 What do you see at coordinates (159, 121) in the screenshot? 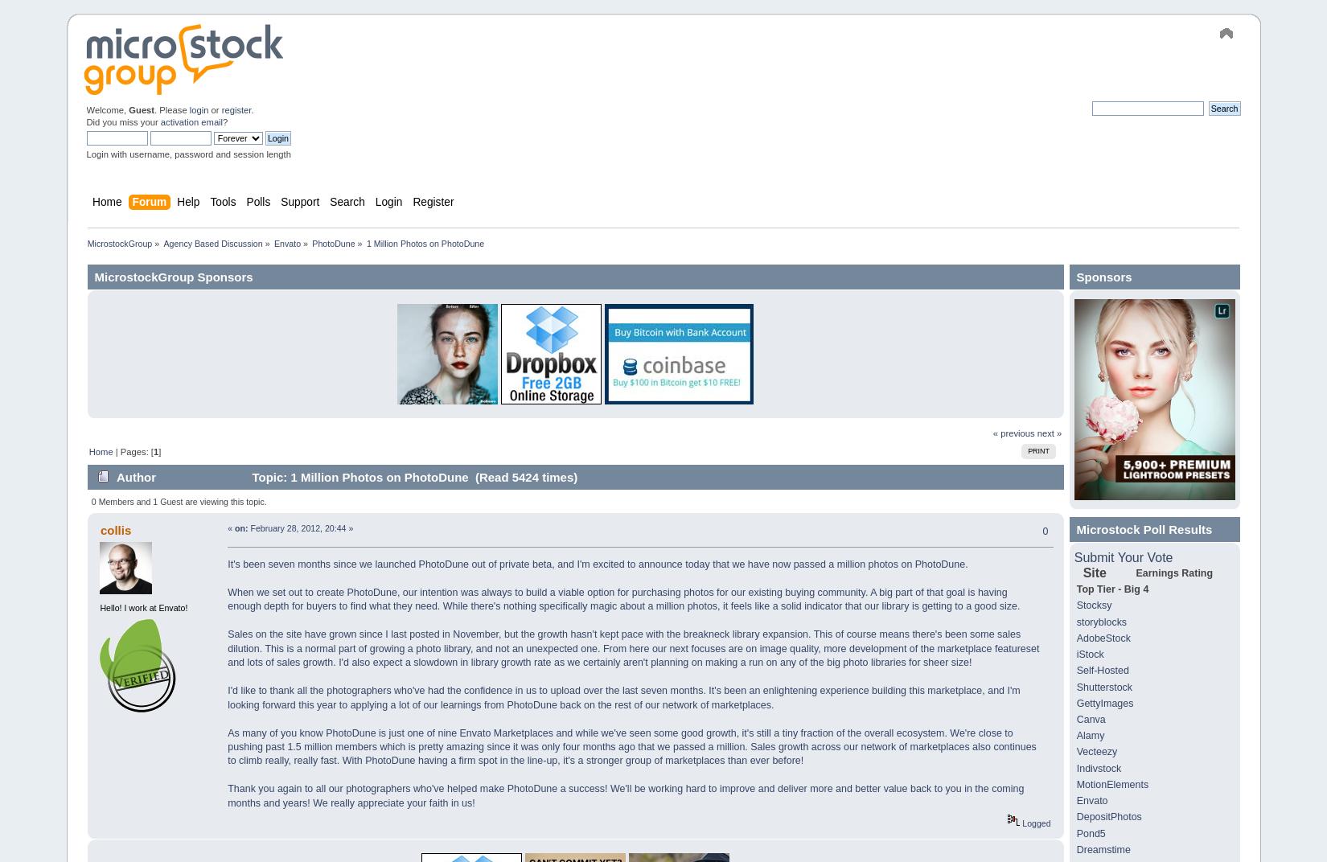
I see `'activation email'` at bounding box center [159, 121].